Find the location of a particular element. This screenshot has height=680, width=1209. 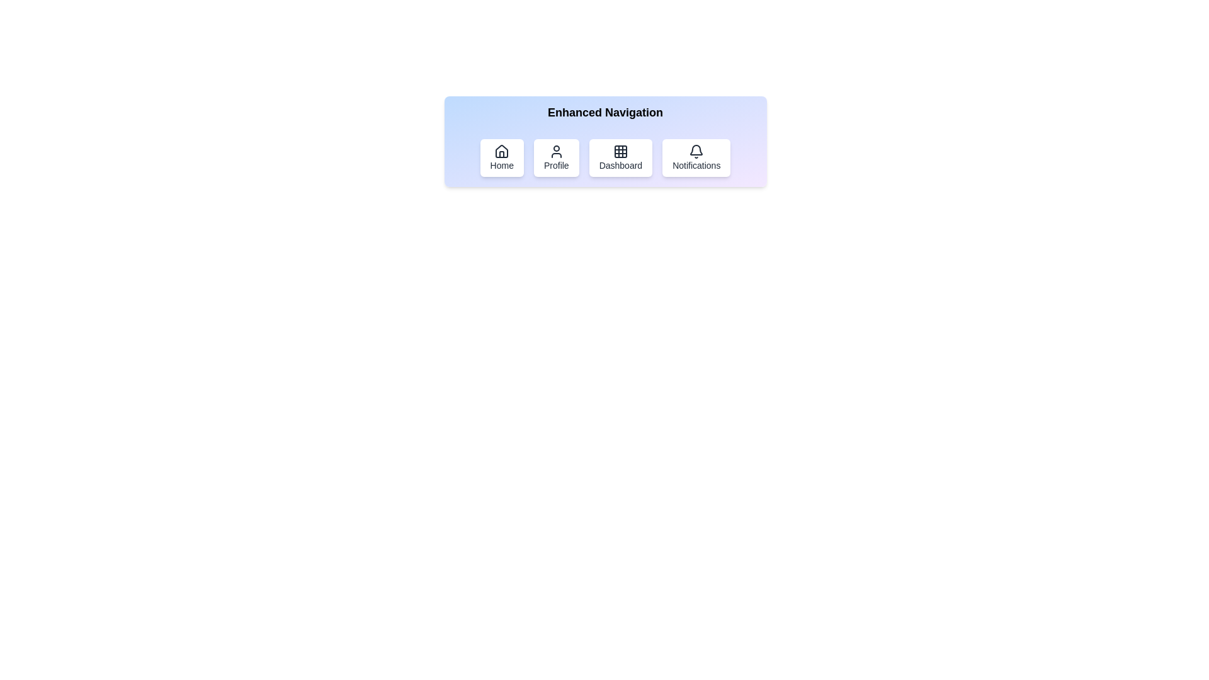

the 'Dashboard' button, which is styled with a grid-like icon and has rounded corners is located at coordinates (620, 157).